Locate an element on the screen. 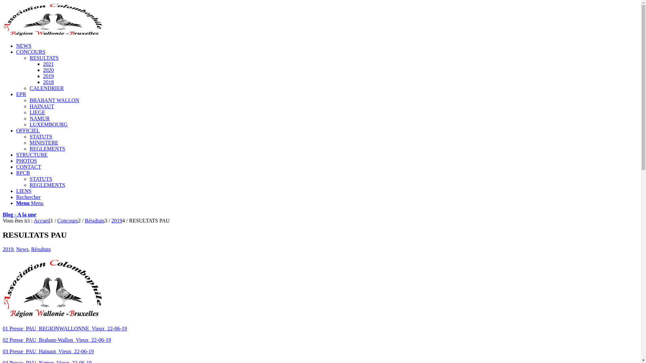 Image resolution: width=646 pixels, height=363 pixels. '2019' is located at coordinates (48, 76).